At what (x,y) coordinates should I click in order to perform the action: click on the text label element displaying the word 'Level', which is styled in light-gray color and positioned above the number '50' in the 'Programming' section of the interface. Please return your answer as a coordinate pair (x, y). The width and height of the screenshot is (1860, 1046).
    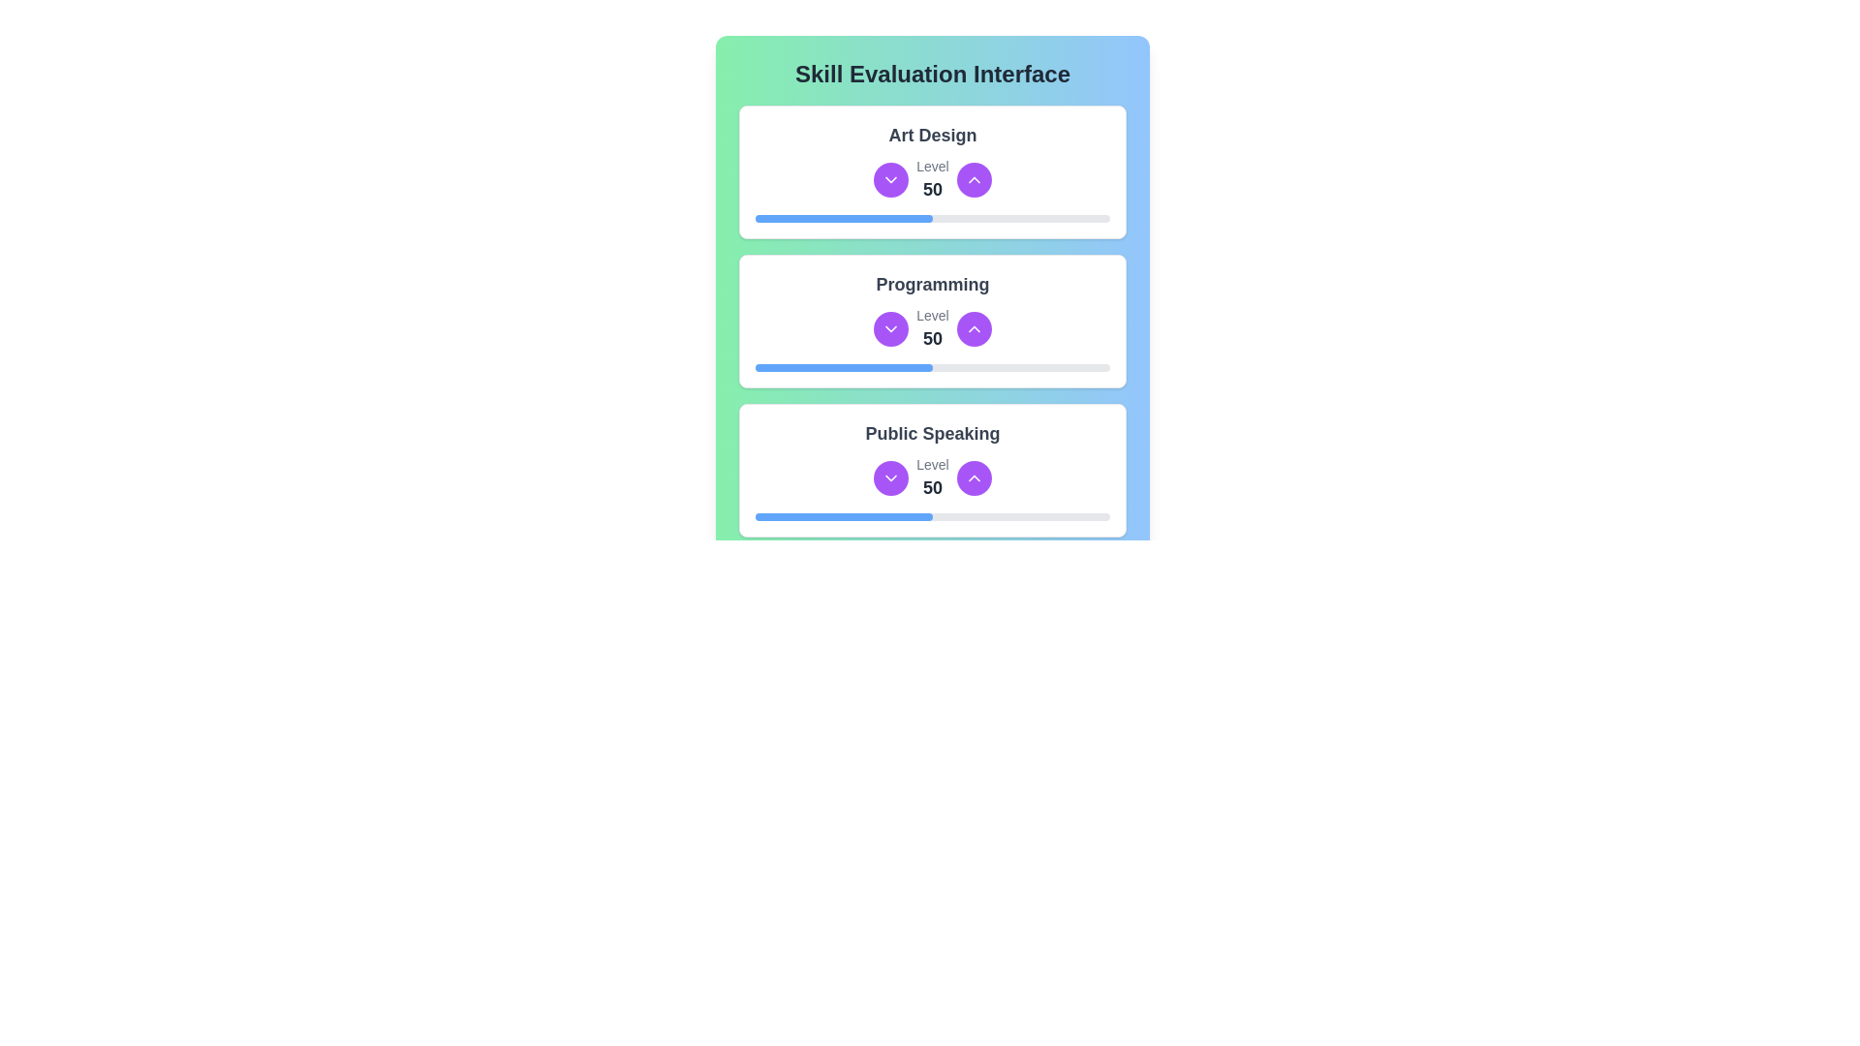
    Looking at the image, I should click on (933, 315).